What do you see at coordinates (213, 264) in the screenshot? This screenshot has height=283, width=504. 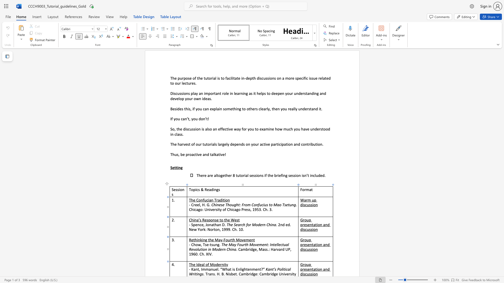 I see `the space between the continuous character "M" and "o" in the text` at bounding box center [213, 264].